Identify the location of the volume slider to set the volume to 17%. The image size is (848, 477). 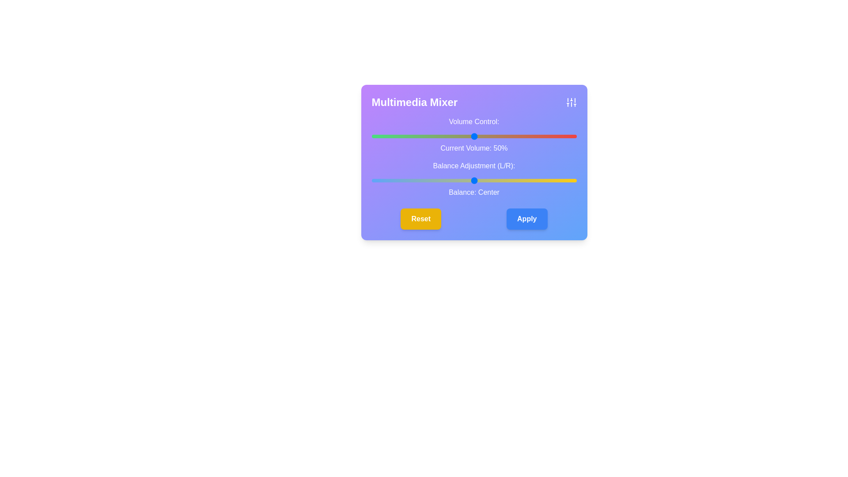
(406, 136).